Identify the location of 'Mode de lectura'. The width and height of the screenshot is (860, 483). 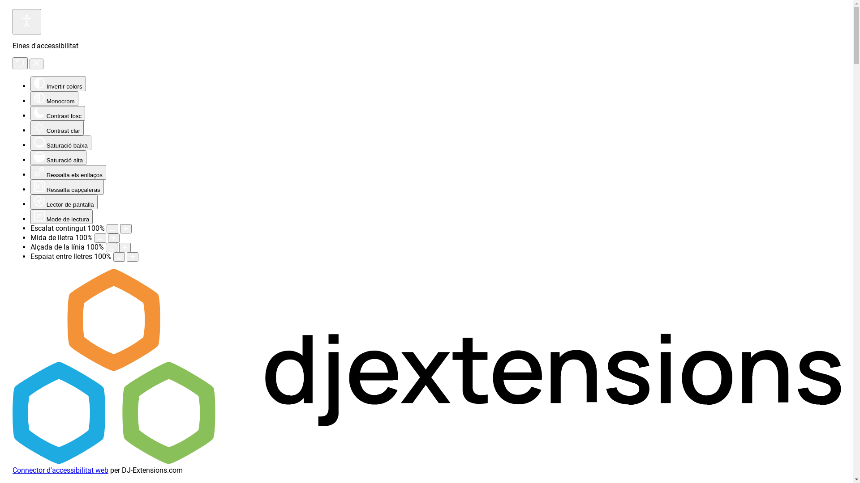
(61, 216).